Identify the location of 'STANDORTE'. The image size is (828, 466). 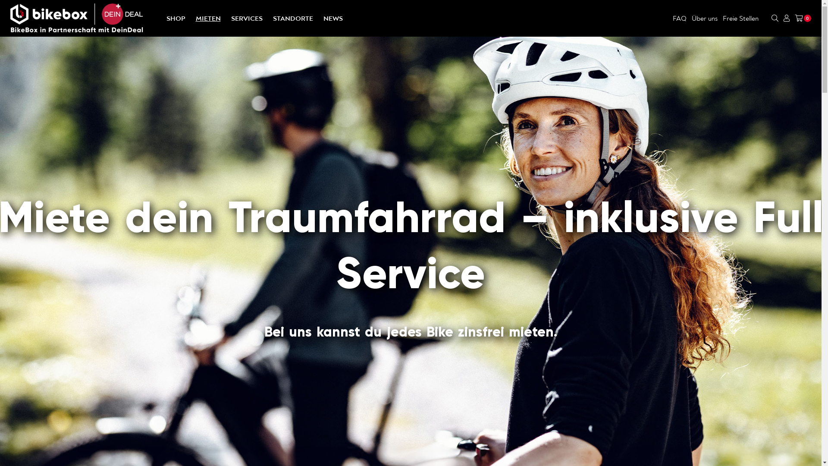
(292, 18).